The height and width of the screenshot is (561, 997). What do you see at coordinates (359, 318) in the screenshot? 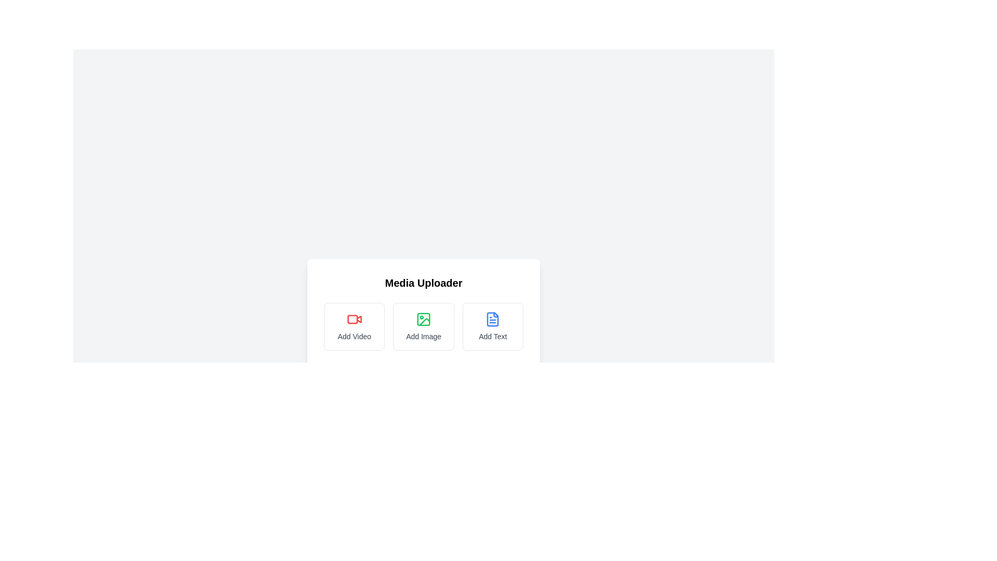
I see `the red triangular play button icon, which is part of the 'Add Video' button located beneath the 'Media Uploader' heading` at bounding box center [359, 318].